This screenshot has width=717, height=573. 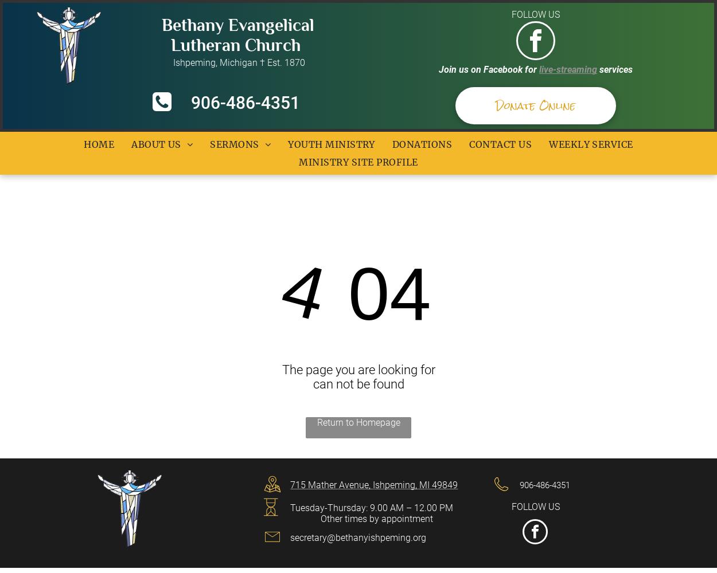 What do you see at coordinates (304, 291) in the screenshot?
I see `'4'` at bounding box center [304, 291].